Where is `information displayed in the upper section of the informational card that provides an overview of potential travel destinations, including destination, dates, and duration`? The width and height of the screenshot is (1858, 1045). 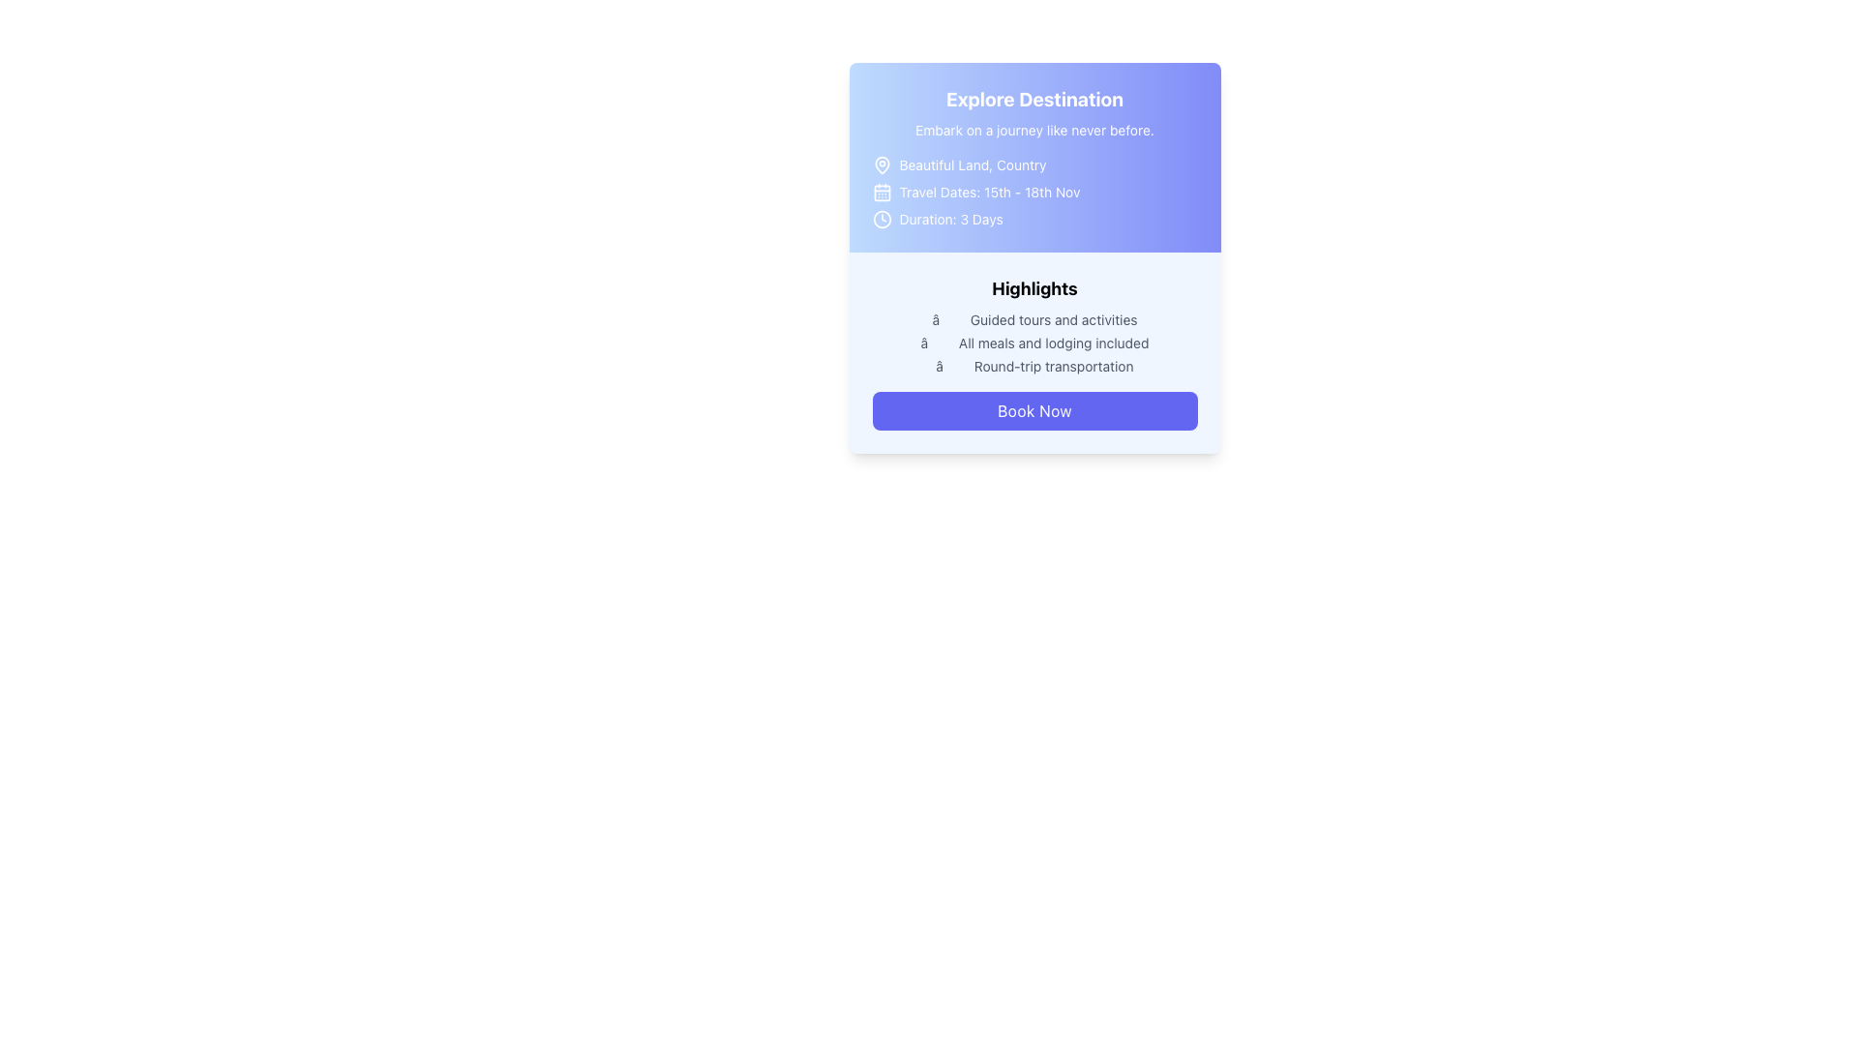
information displayed in the upper section of the informational card that provides an overview of potential travel destinations, including destination, dates, and duration is located at coordinates (1034, 156).